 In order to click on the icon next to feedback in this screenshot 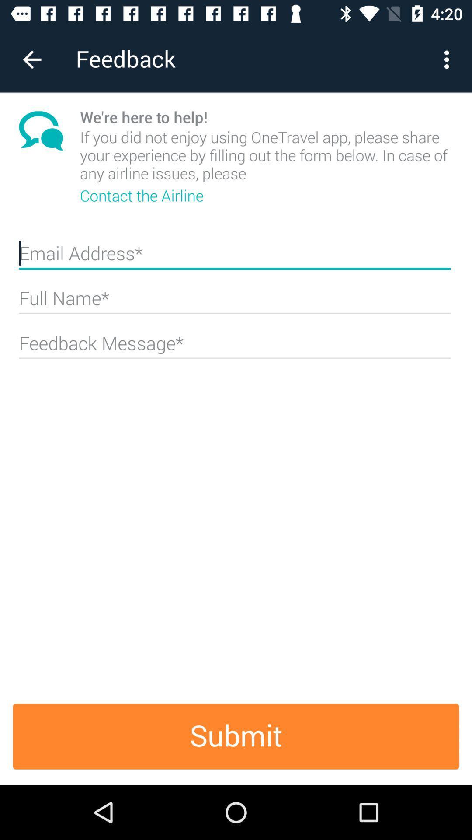, I will do `click(31, 59)`.